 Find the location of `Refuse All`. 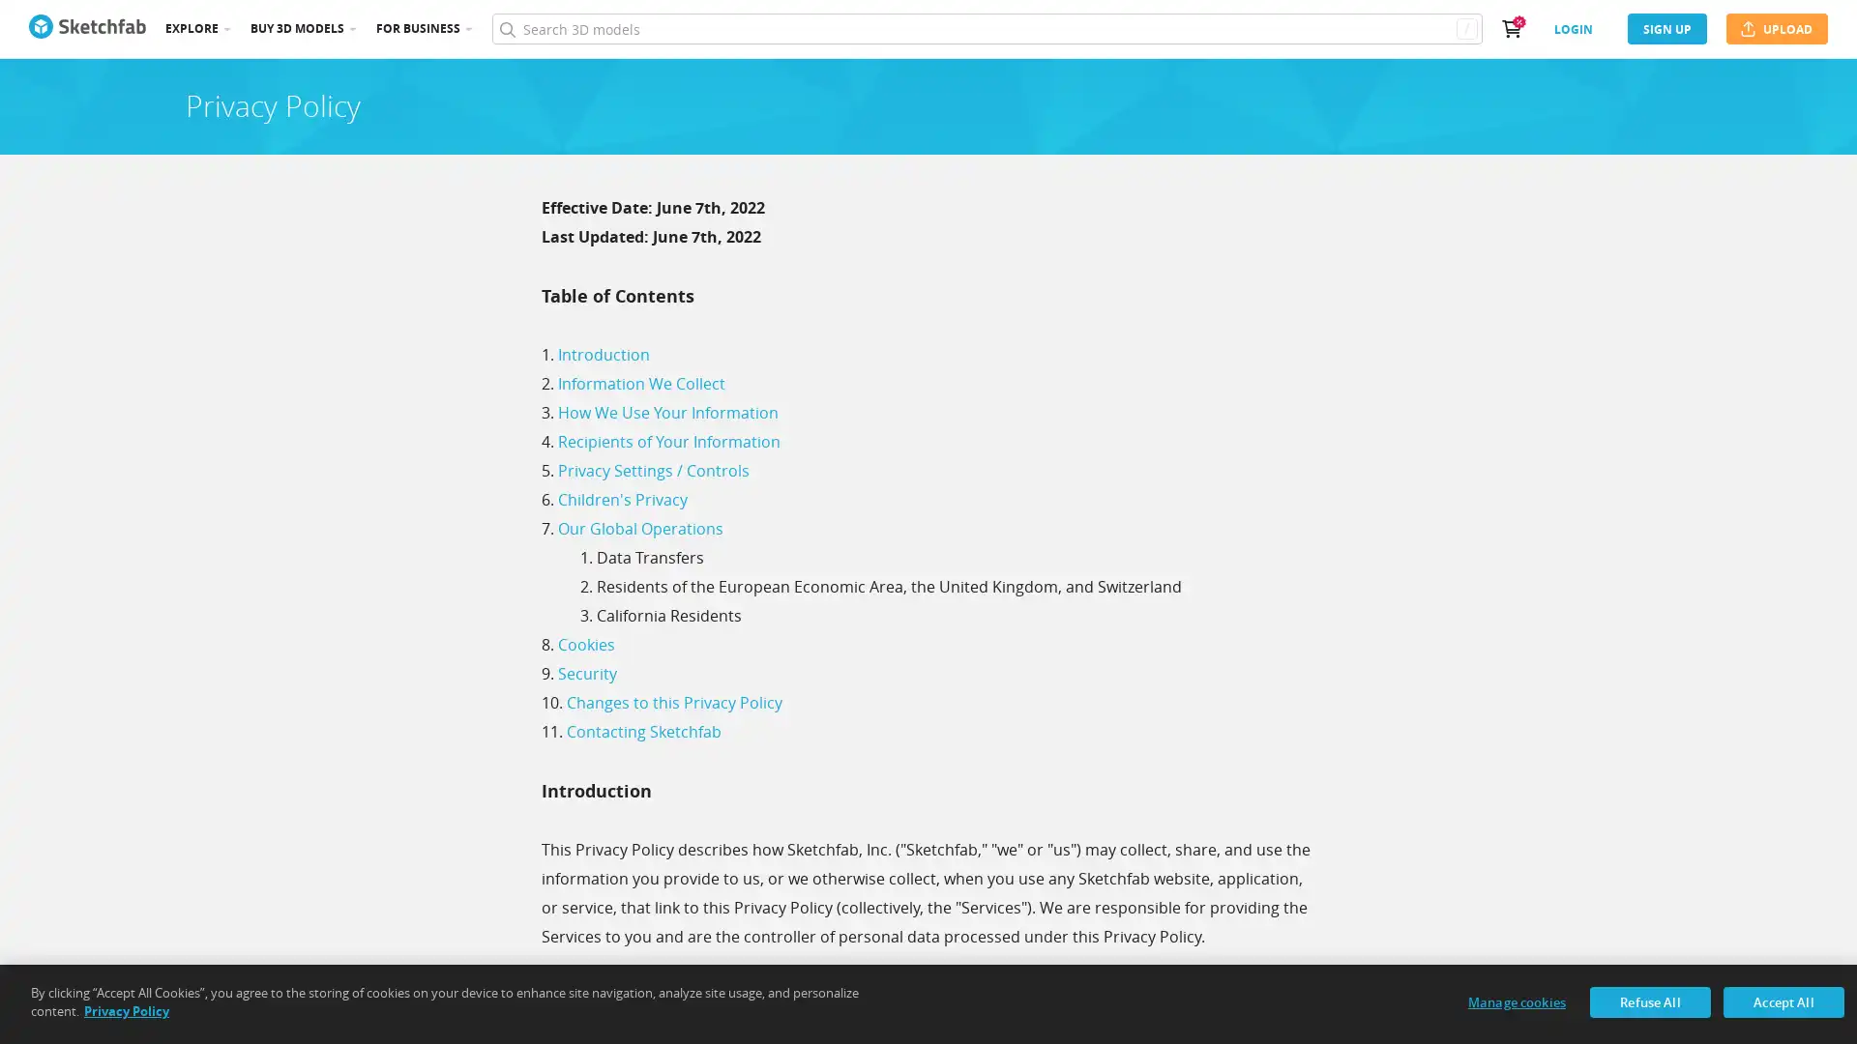

Refuse All is located at coordinates (1649, 1001).